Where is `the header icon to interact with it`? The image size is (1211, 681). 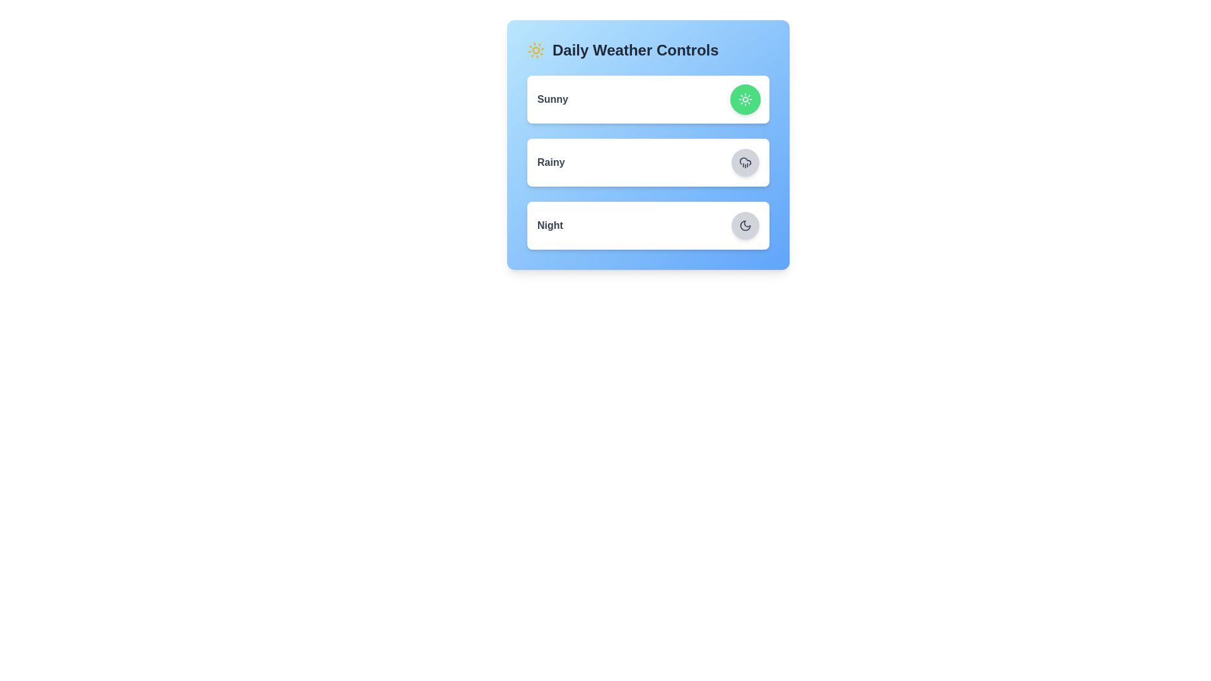 the header icon to interact with it is located at coordinates (535, 50).